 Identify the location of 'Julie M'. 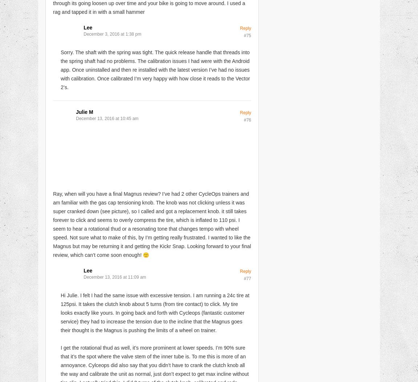
(75, 112).